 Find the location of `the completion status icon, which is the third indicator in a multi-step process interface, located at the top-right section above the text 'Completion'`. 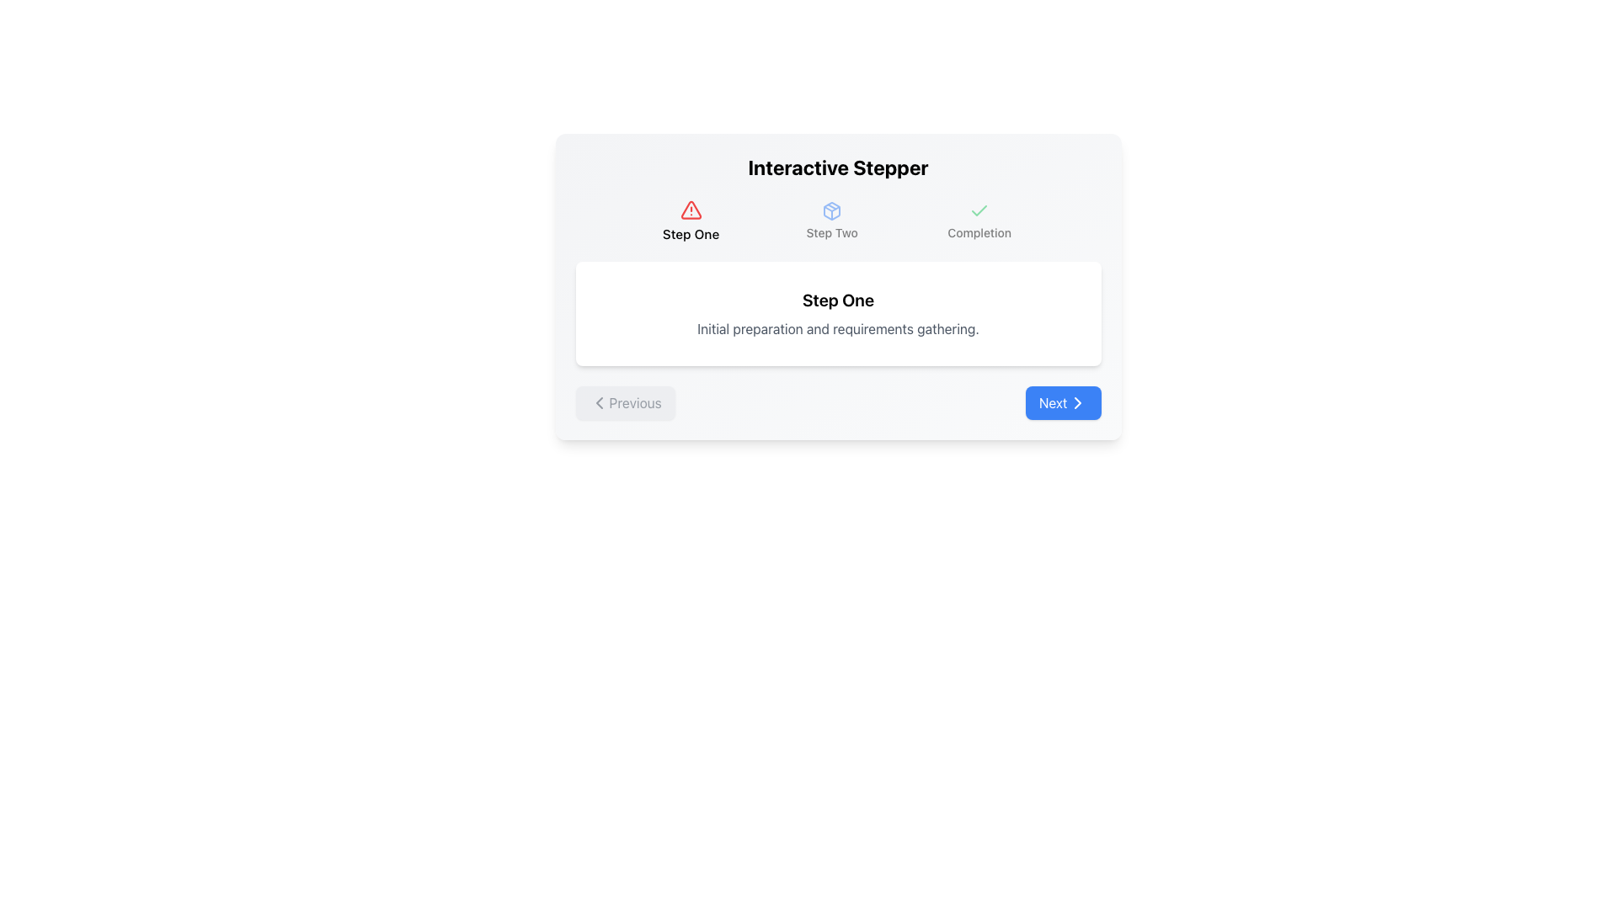

the completion status icon, which is the third indicator in a multi-step process interface, located at the top-right section above the text 'Completion' is located at coordinates (979, 210).